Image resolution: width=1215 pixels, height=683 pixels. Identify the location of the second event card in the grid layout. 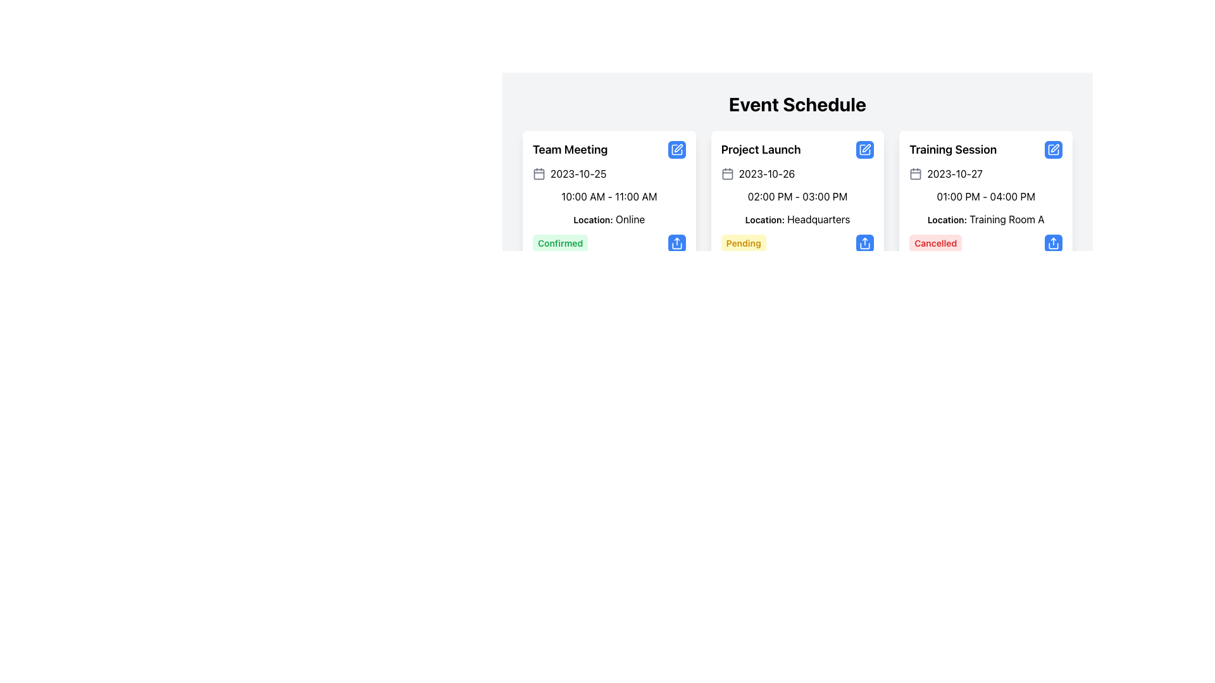
(797, 197).